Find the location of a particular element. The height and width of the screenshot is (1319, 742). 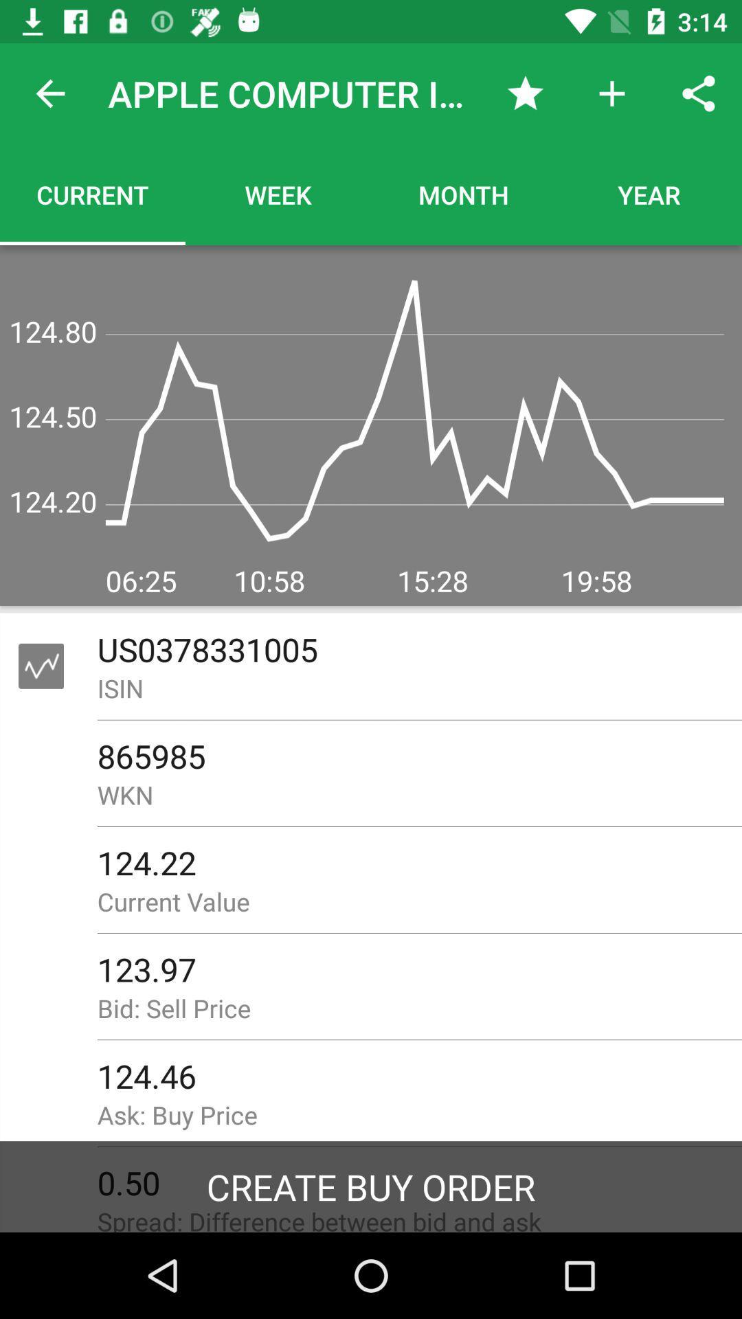

the icon above year is located at coordinates (699, 93).